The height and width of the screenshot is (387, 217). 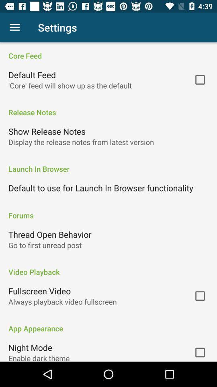 What do you see at coordinates (30, 347) in the screenshot?
I see `night mode icon` at bounding box center [30, 347].